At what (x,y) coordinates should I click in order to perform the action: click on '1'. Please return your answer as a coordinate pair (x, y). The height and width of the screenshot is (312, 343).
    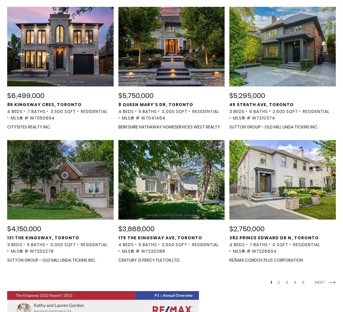
    Looking at the image, I should click on (271, 282).